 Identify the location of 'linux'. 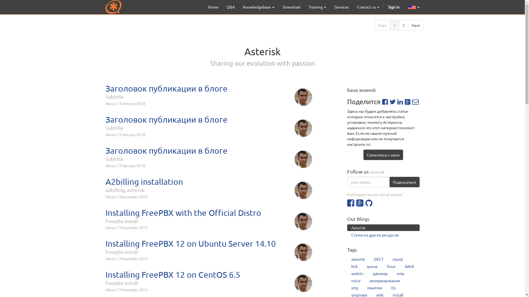
(382, 266).